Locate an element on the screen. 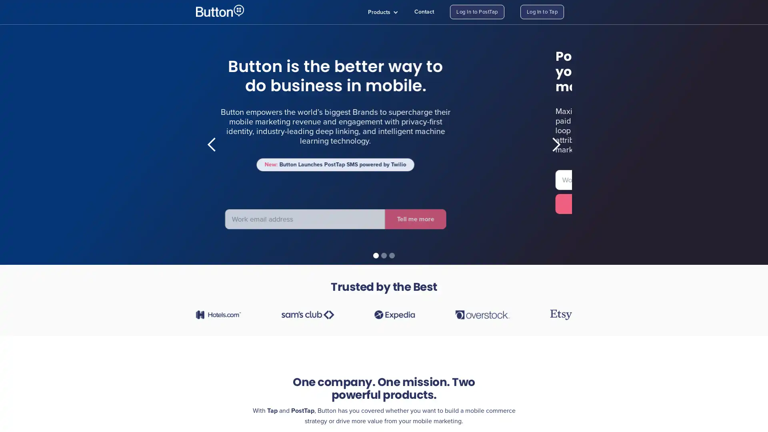 The image size is (768, 432). Show slide 3 of 3 is located at coordinates (392, 256).